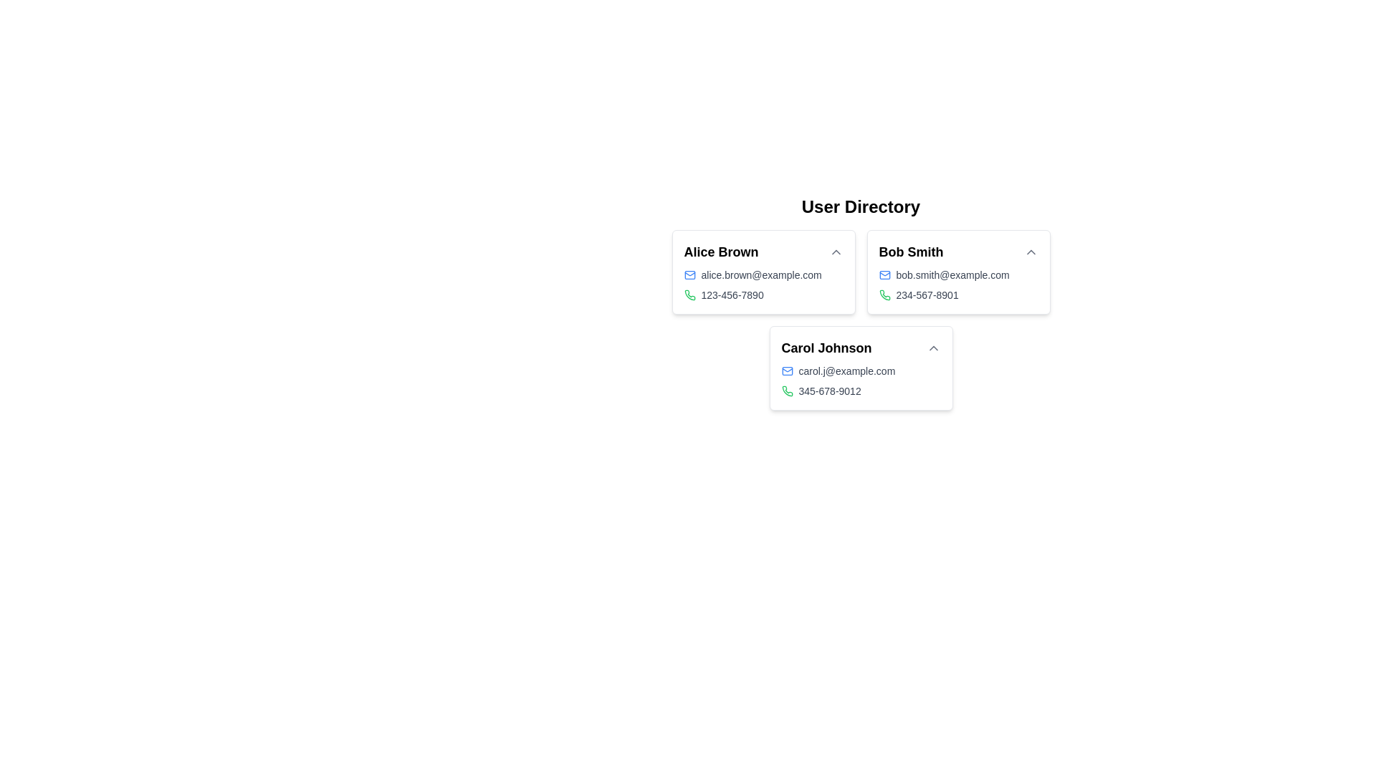  What do you see at coordinates (763, 272) in the screenshot?
I see `the email link within the Information card for 'Alice Brown', which displays contact information including email and phone details` at bounding box center [763, 272].